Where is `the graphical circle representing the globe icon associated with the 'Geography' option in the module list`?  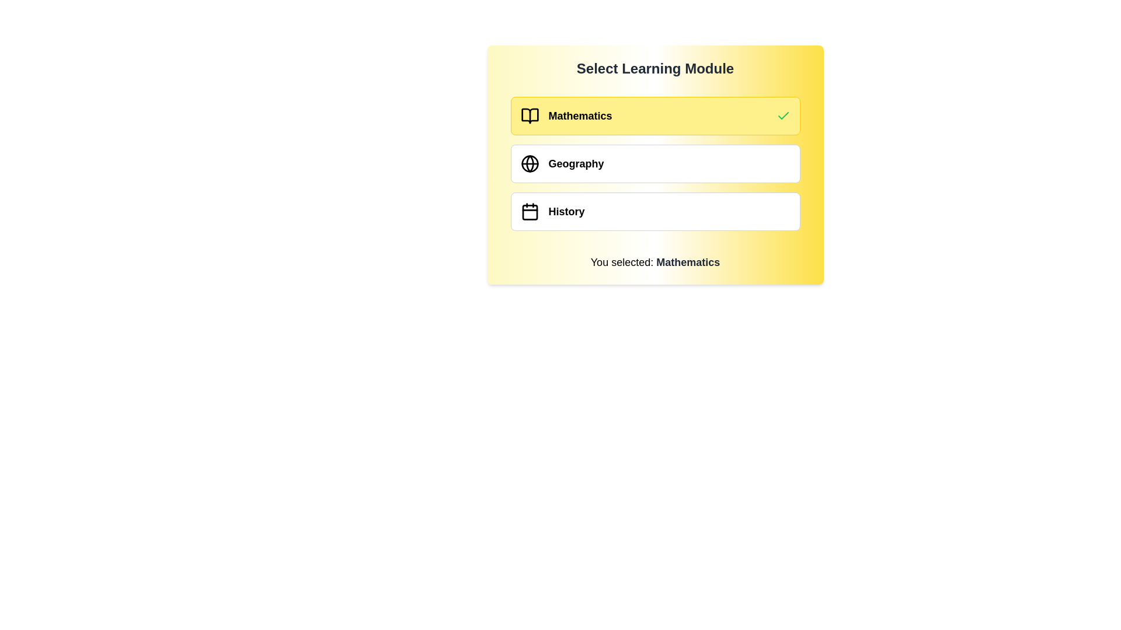 the graphical circle representing the globe icon associated with the 'Geography' option in the module list is located at coordinates (529, 164).